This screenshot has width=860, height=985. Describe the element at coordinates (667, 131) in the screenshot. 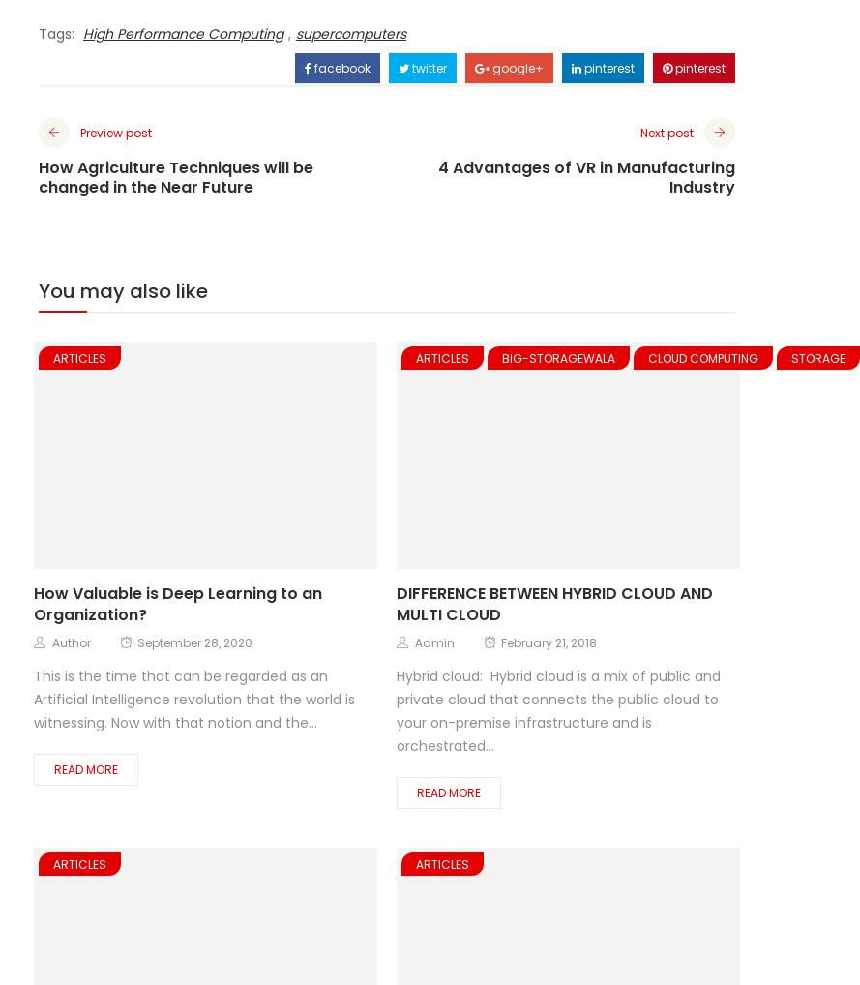

I see `'Next post'` at that location.